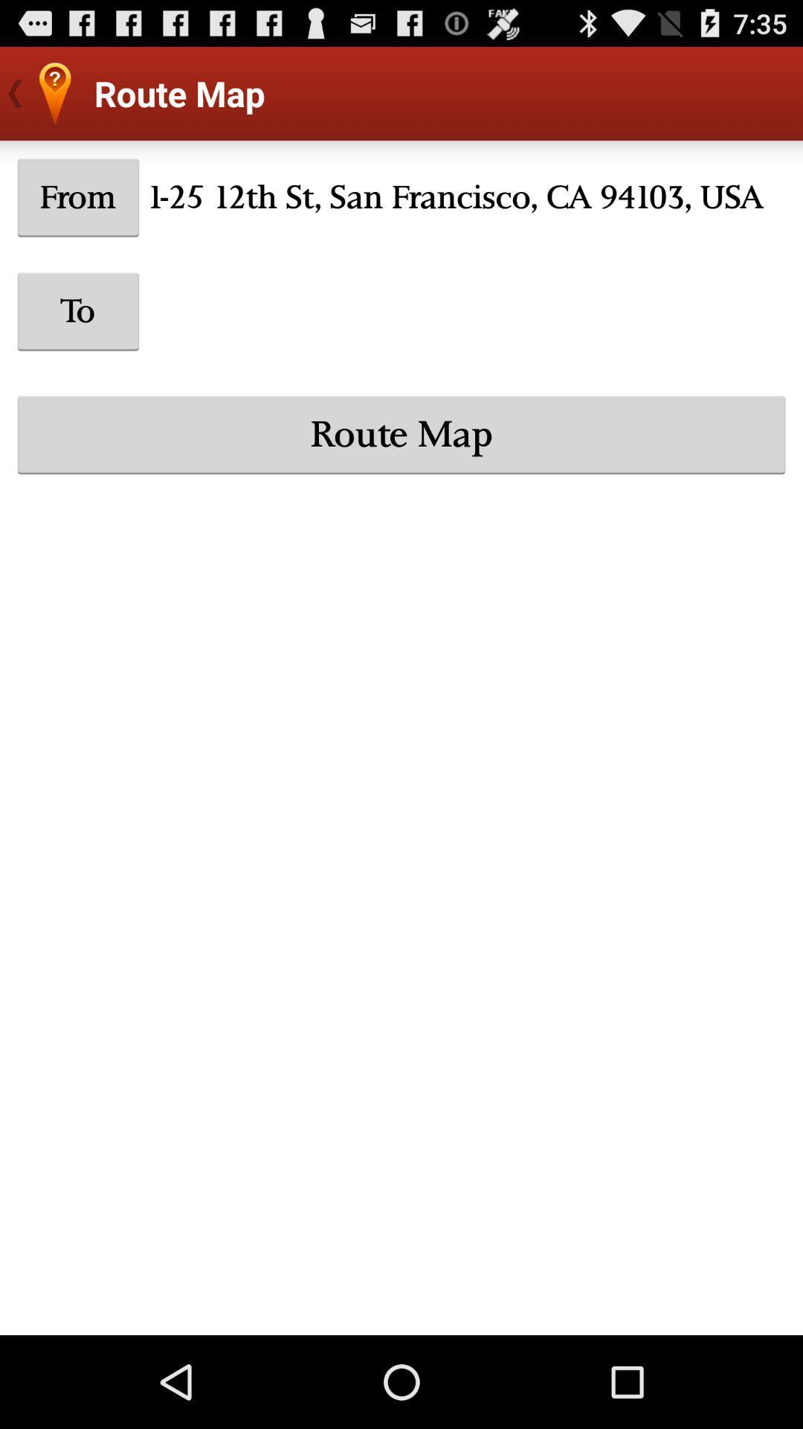 The image size is (803, 1429). Describe the element at coordinates (78, 196) in the screenshot. I see `the icon to the left of the 1 25 12th app` at that location.